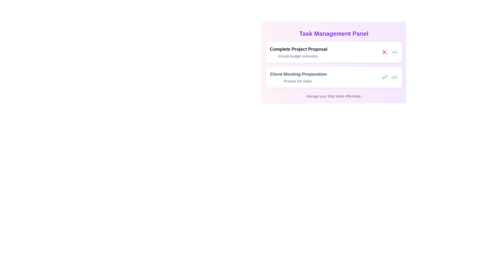 The image size is (480, 270). What do you see at coordinates (384, 52) in the screenshot?
I see `the cancel button located to the far right of the first task row labeled 'Complete Project Proposal' in the task management panel` at bounding box center [384, 52].